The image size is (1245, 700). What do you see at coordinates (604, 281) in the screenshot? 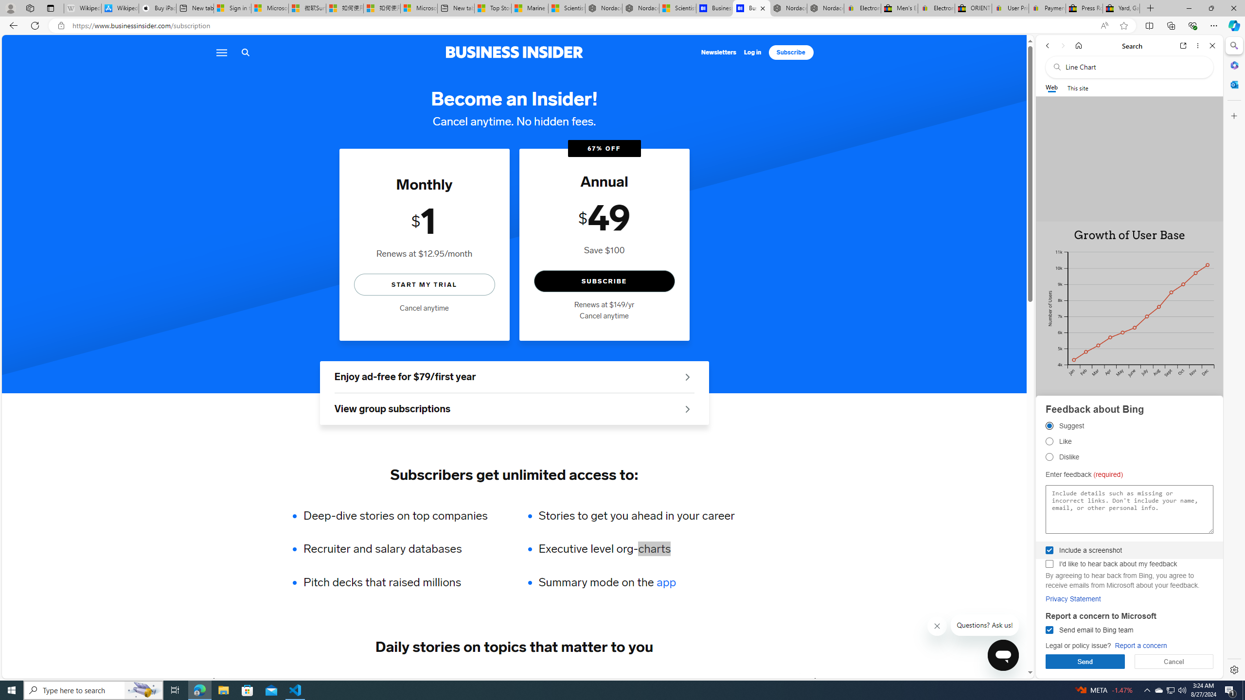
I see `'SUBSCRIBE'` at bounding box center [604, 281].